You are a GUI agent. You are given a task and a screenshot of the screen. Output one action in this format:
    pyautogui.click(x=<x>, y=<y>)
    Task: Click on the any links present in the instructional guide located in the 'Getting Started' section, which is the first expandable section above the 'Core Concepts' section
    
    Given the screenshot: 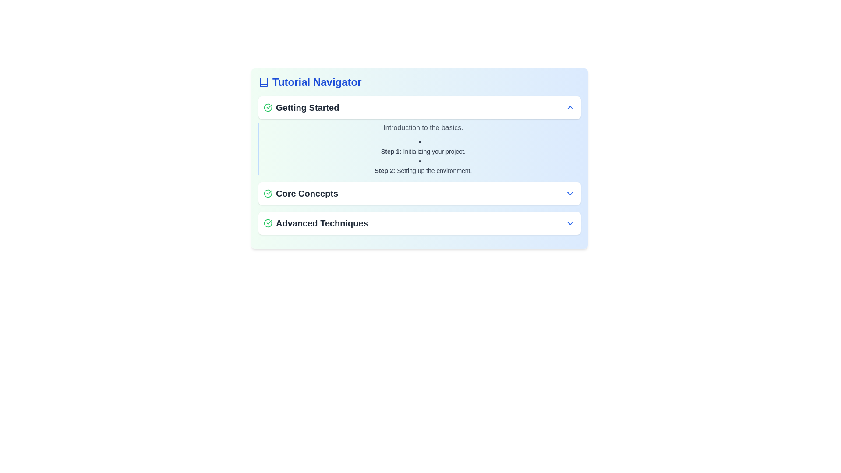 What is the action you would take?
    pyautogui.click(x=419, y=135)
    